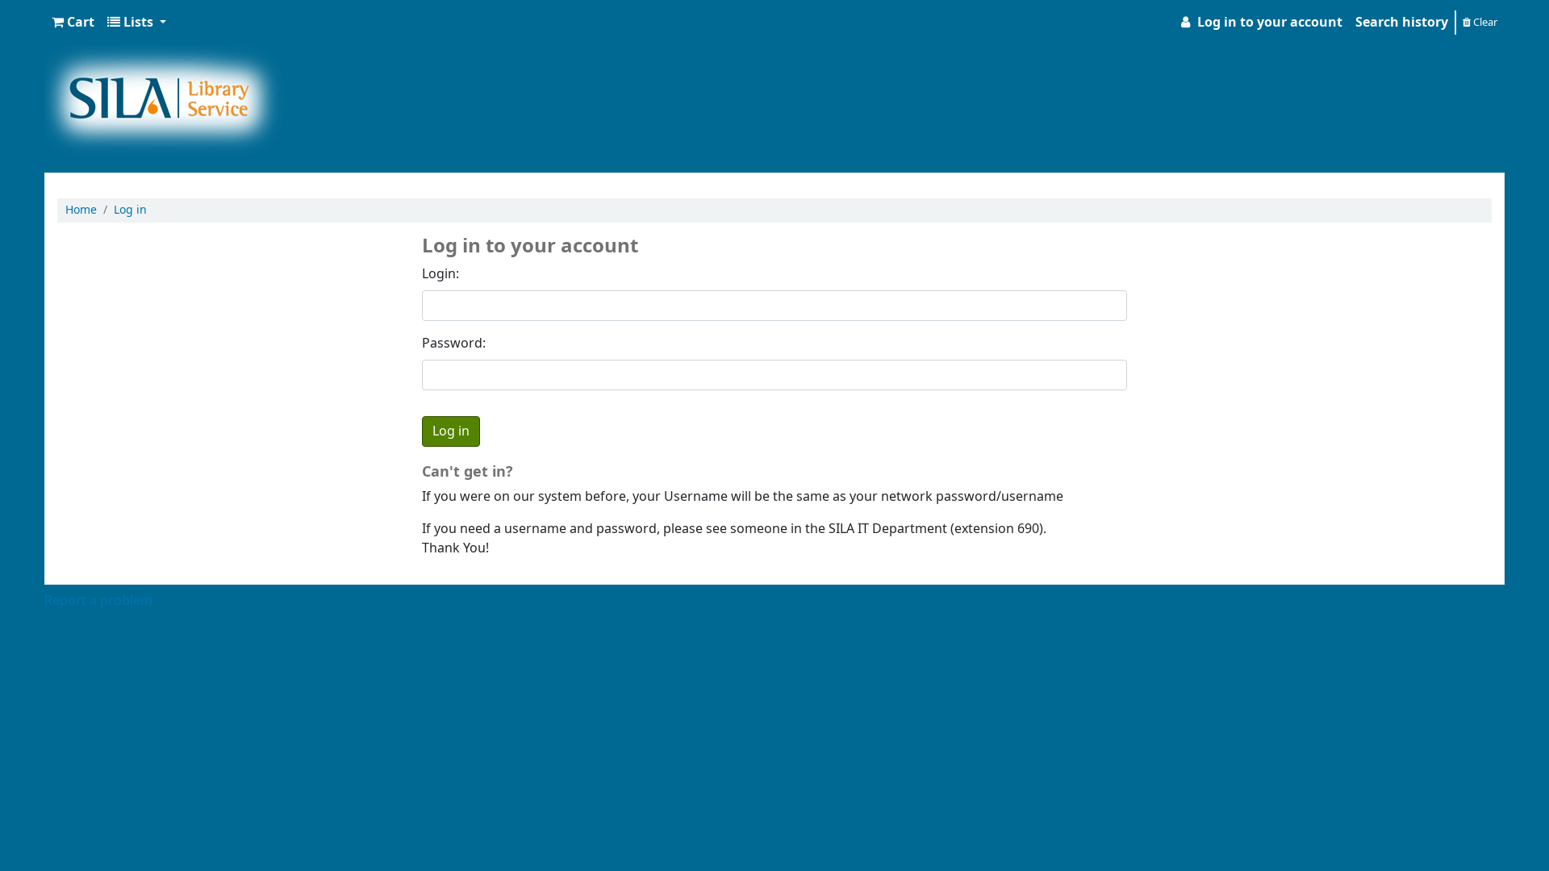 This screenshot has width=1549, height=871. I want to click on 'Clear', so click(1480, 22).